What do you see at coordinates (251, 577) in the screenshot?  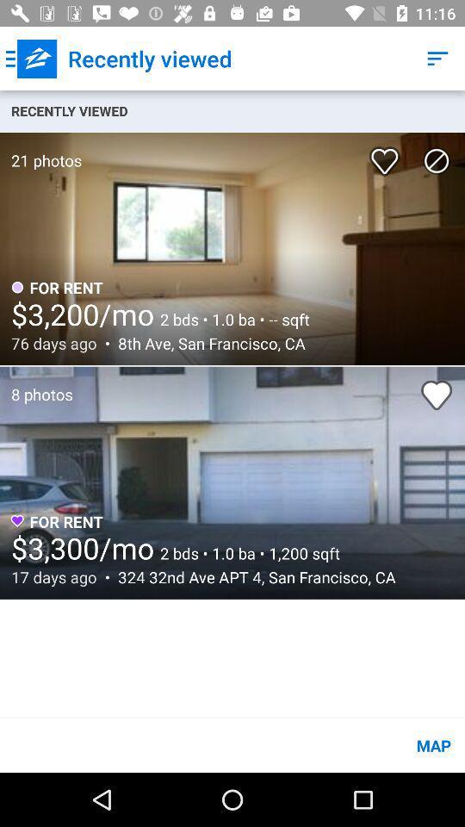 I see `324 32nd ave` at bounding box center [251, 577].